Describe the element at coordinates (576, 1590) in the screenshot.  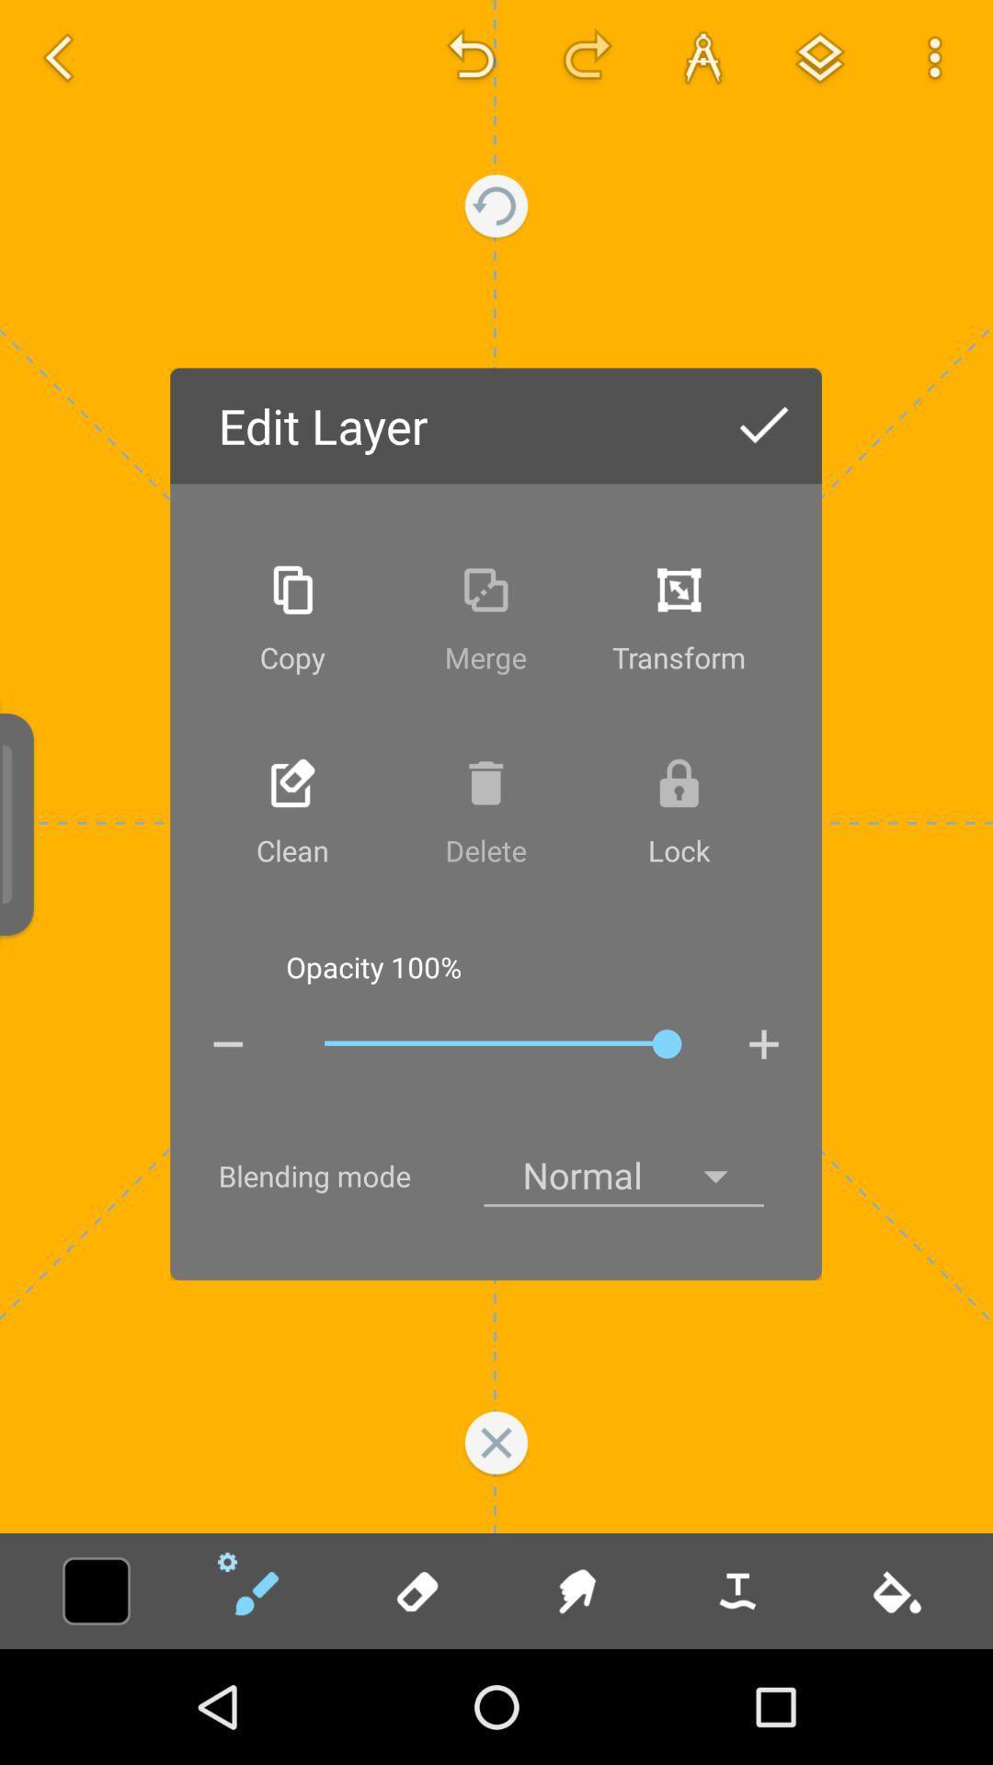
I see `the icon at adjacently right of eraser` at that location.